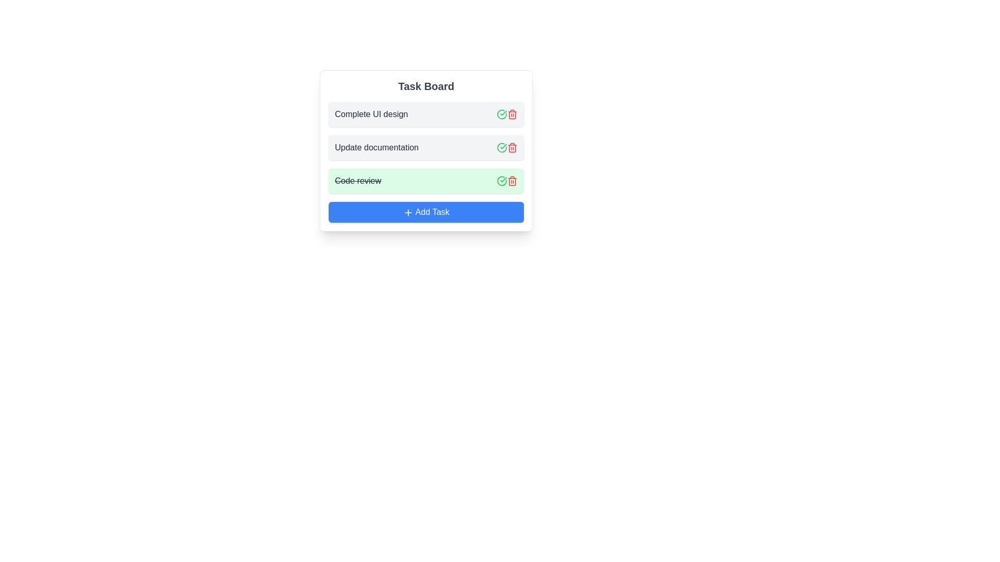  I want to click on the static text title 'Task Board' which indicates the purpose of the task board layout, so click(426, 85).